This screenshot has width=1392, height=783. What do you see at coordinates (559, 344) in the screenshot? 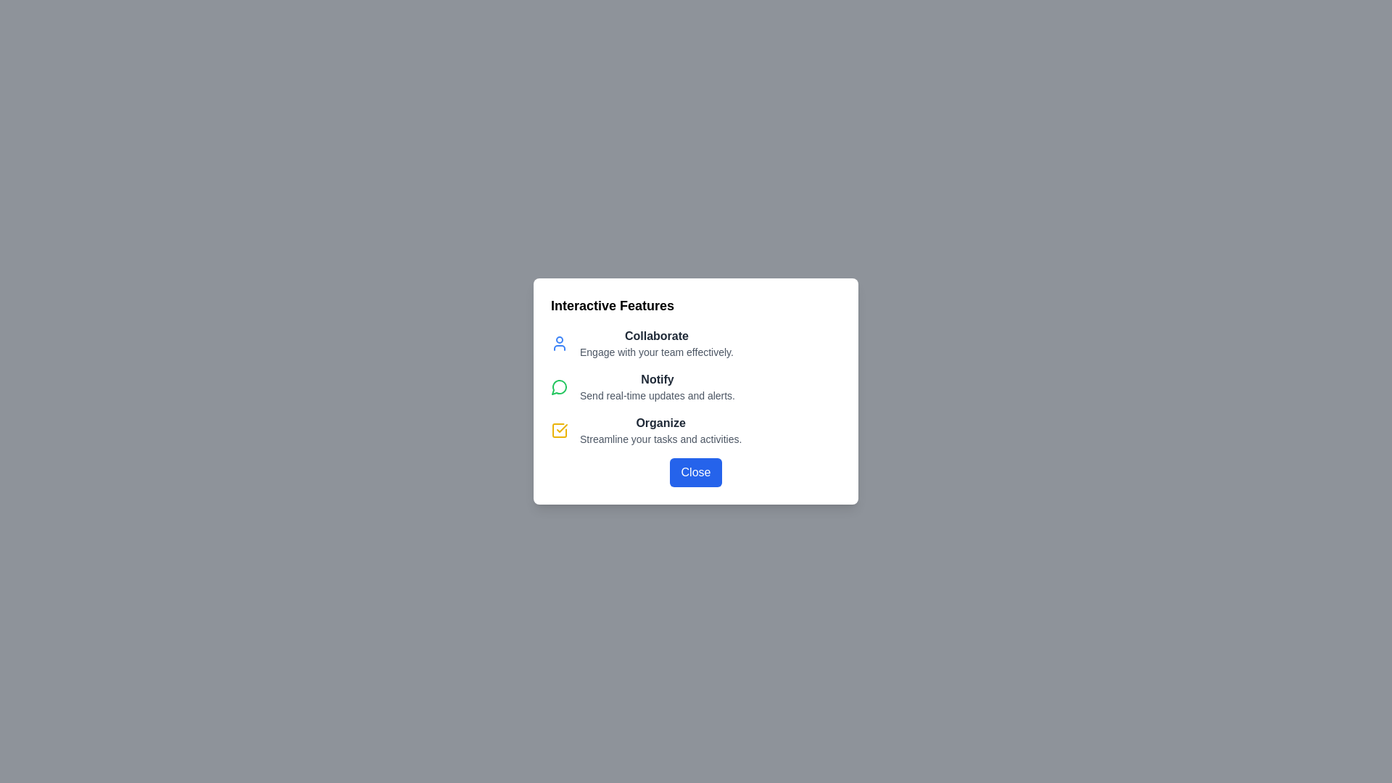
I see `the feature Collaborate to explore its content` at bounding box center [559, 344].